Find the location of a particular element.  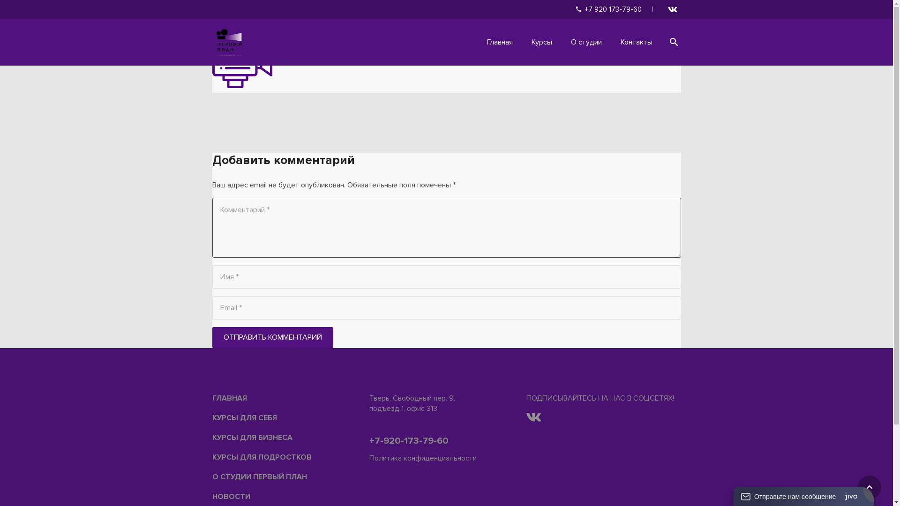

'+7-920-173-79-60' is located at coordinates (409, 441).